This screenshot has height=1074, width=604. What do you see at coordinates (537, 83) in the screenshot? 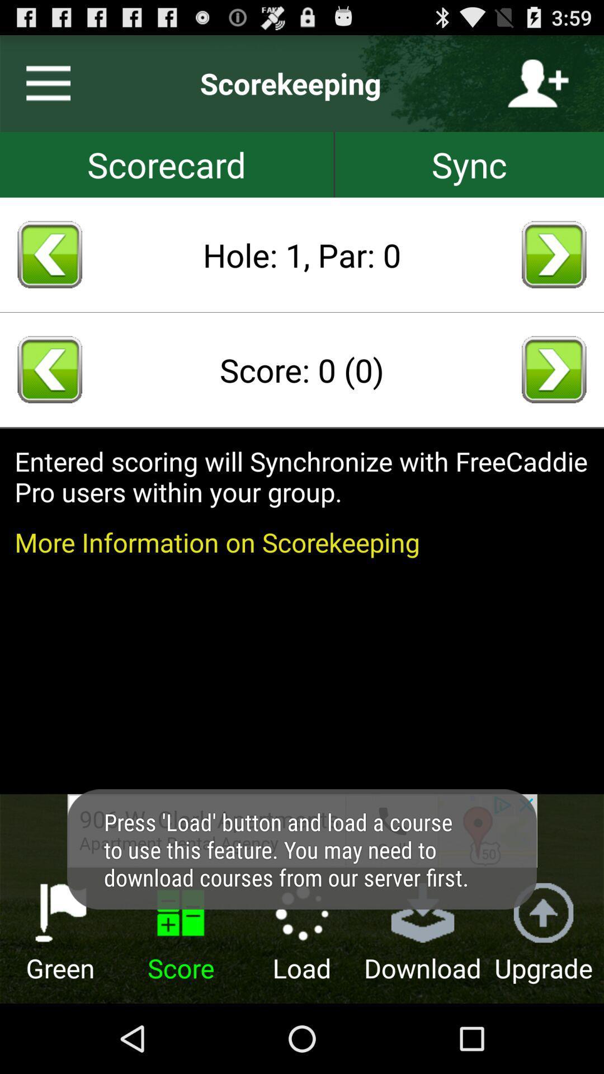
I see `user` at bounding box center [537, 83].